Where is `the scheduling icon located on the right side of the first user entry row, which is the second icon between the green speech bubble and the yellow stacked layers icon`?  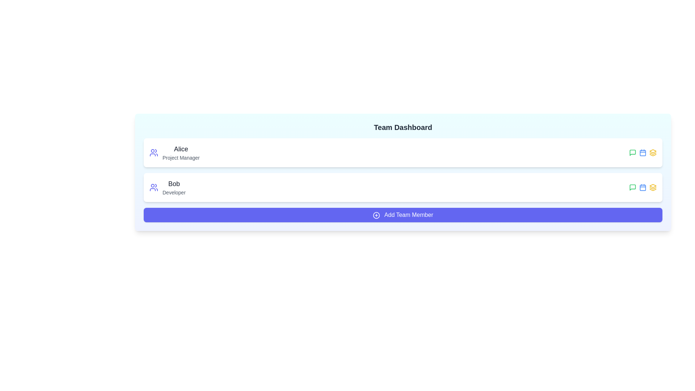
the scheduling icon located on the right side of the first user entry row, which is the second icon between the green speech bubble and the yellow stacked layers icon is located at coordinates (643, 152).